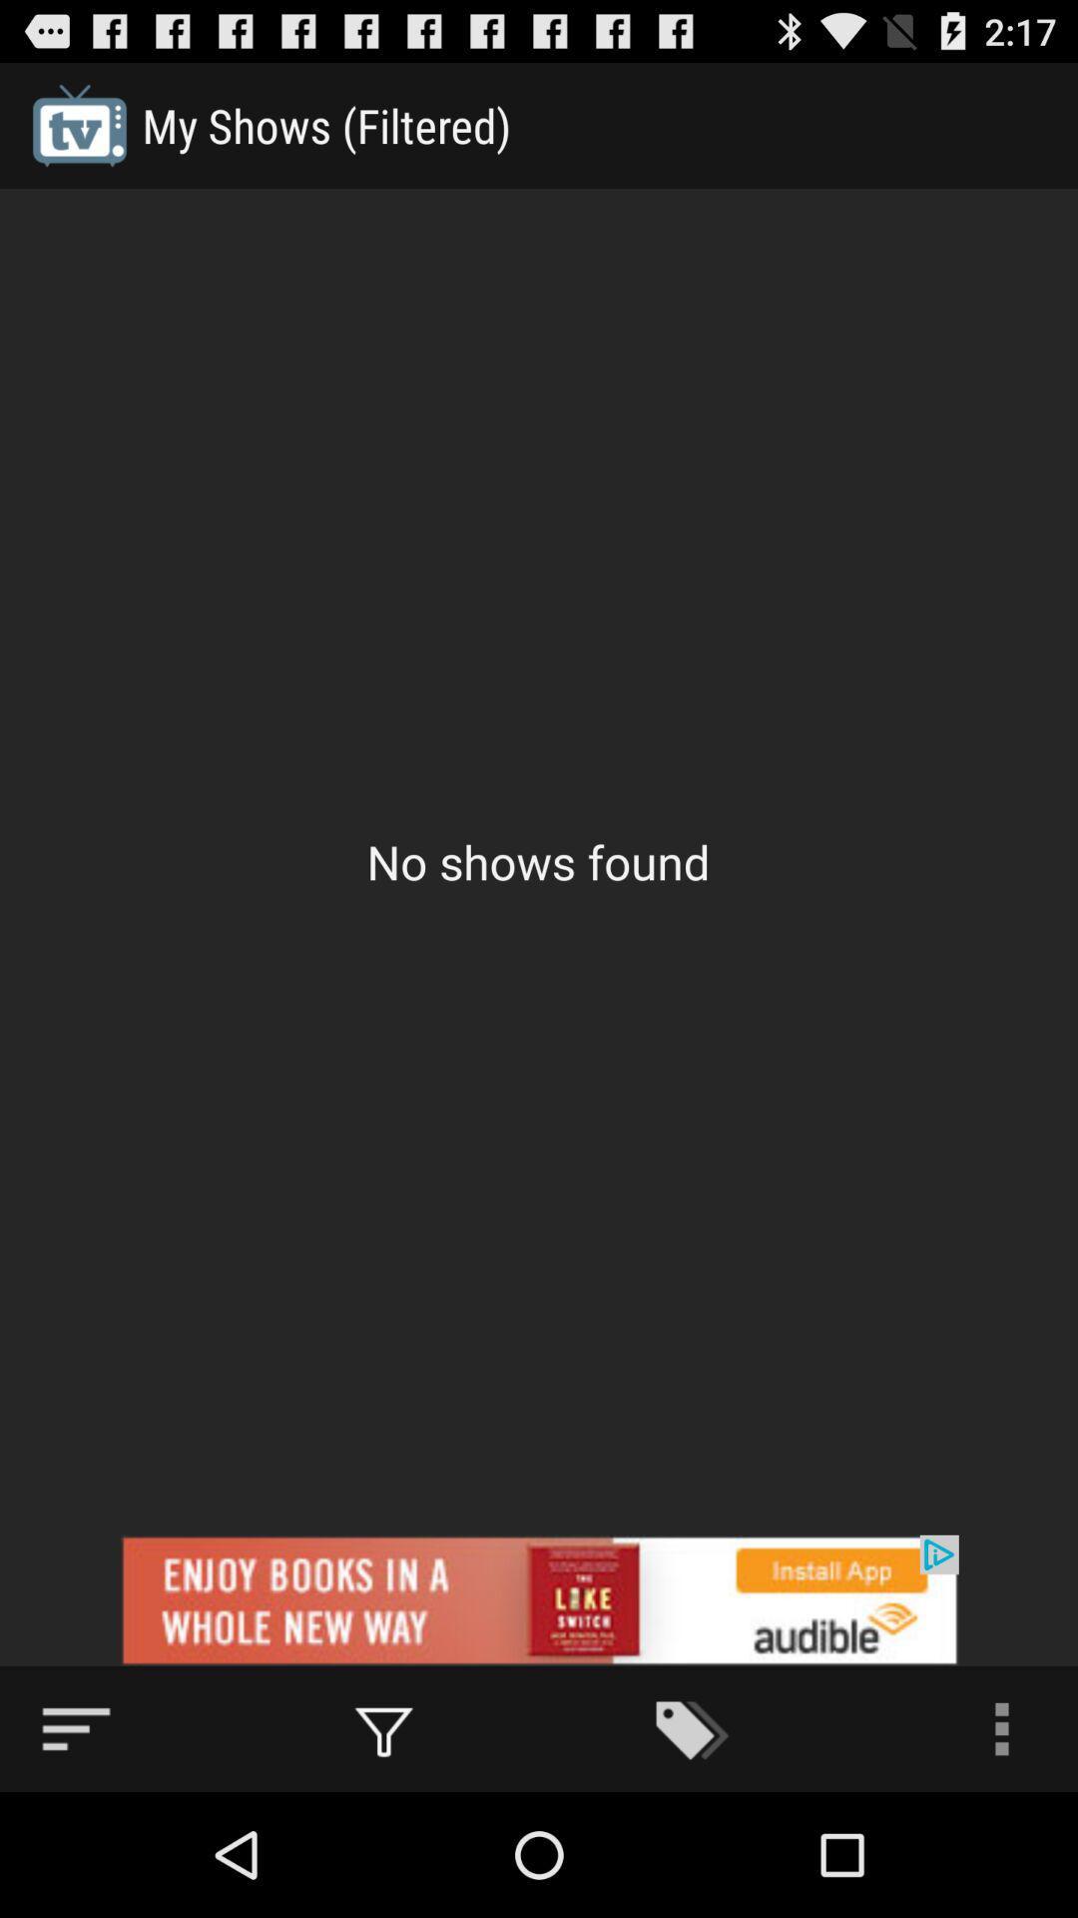 Image resolution: width=1078 pixels, height=1918 pixels. I want to click on advertisement area, so click(539, 1600).